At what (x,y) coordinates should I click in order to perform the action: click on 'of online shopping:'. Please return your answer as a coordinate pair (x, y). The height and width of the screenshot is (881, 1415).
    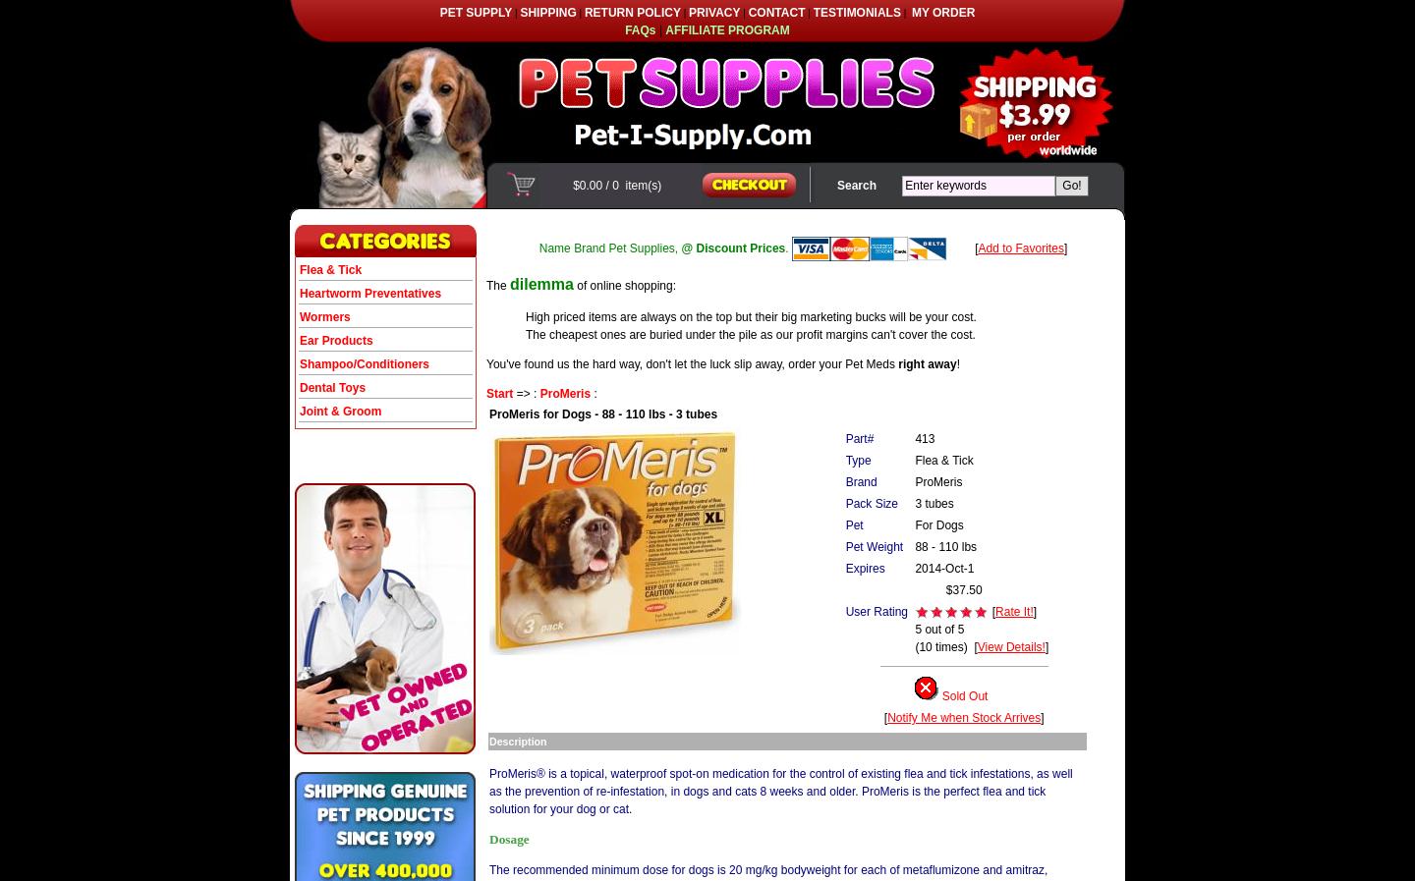
    Looking at the image, I should click on (623, 284).